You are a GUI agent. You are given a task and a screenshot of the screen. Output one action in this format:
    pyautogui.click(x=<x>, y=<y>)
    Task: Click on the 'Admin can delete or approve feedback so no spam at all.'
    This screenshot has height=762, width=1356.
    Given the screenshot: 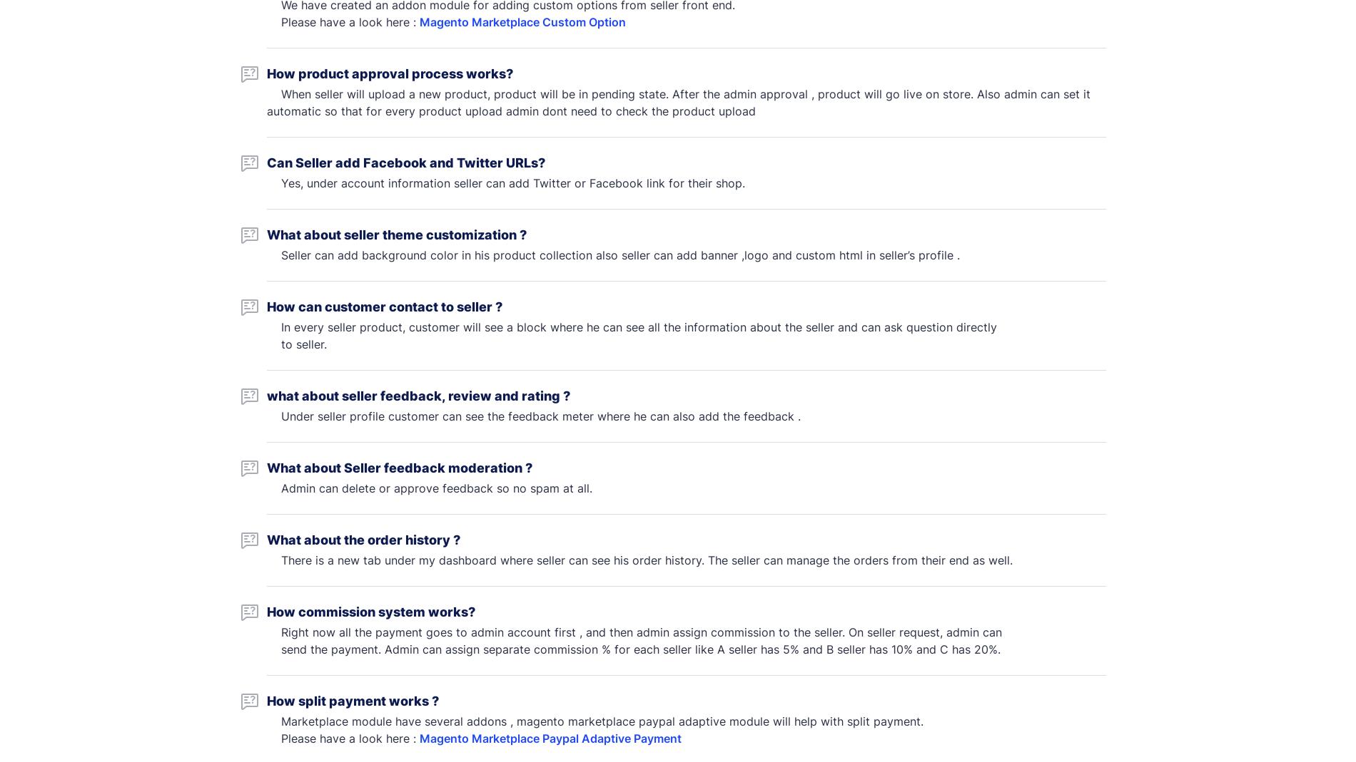 What is the action you would take?
    pyautogui.click(x=431, y=488)
    